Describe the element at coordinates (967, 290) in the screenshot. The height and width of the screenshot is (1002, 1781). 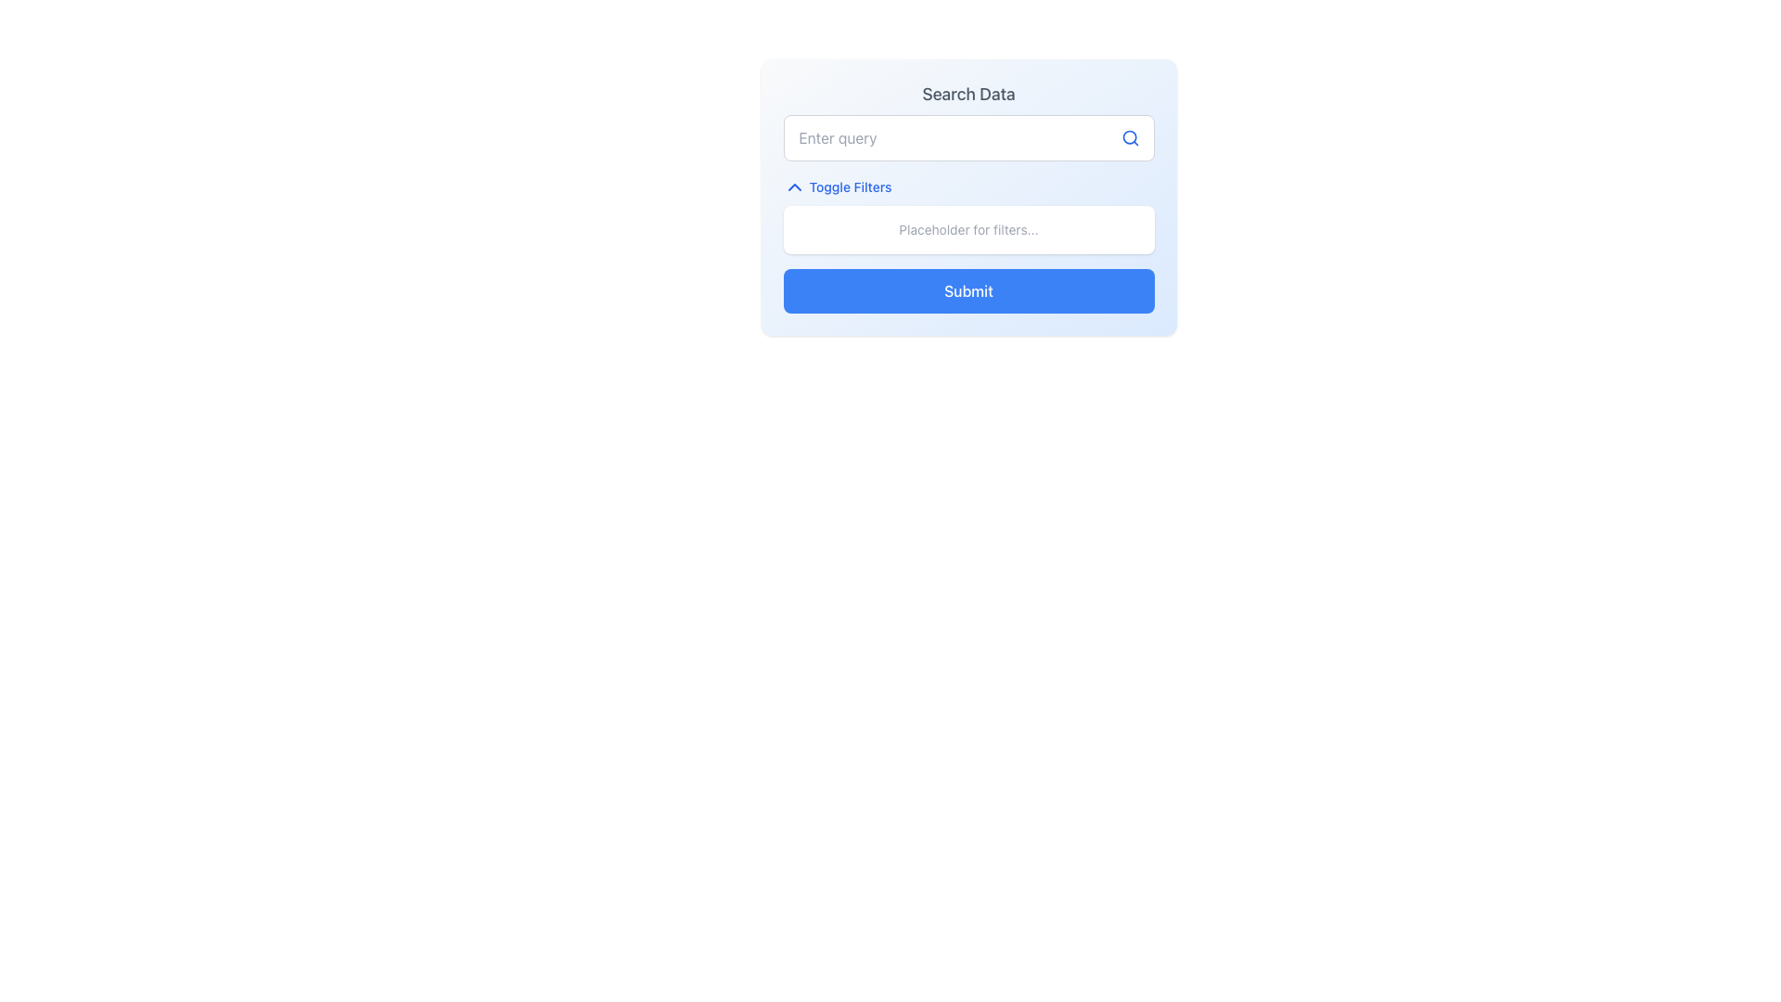
I see `the submit button located at the bottom of the form` at that location.